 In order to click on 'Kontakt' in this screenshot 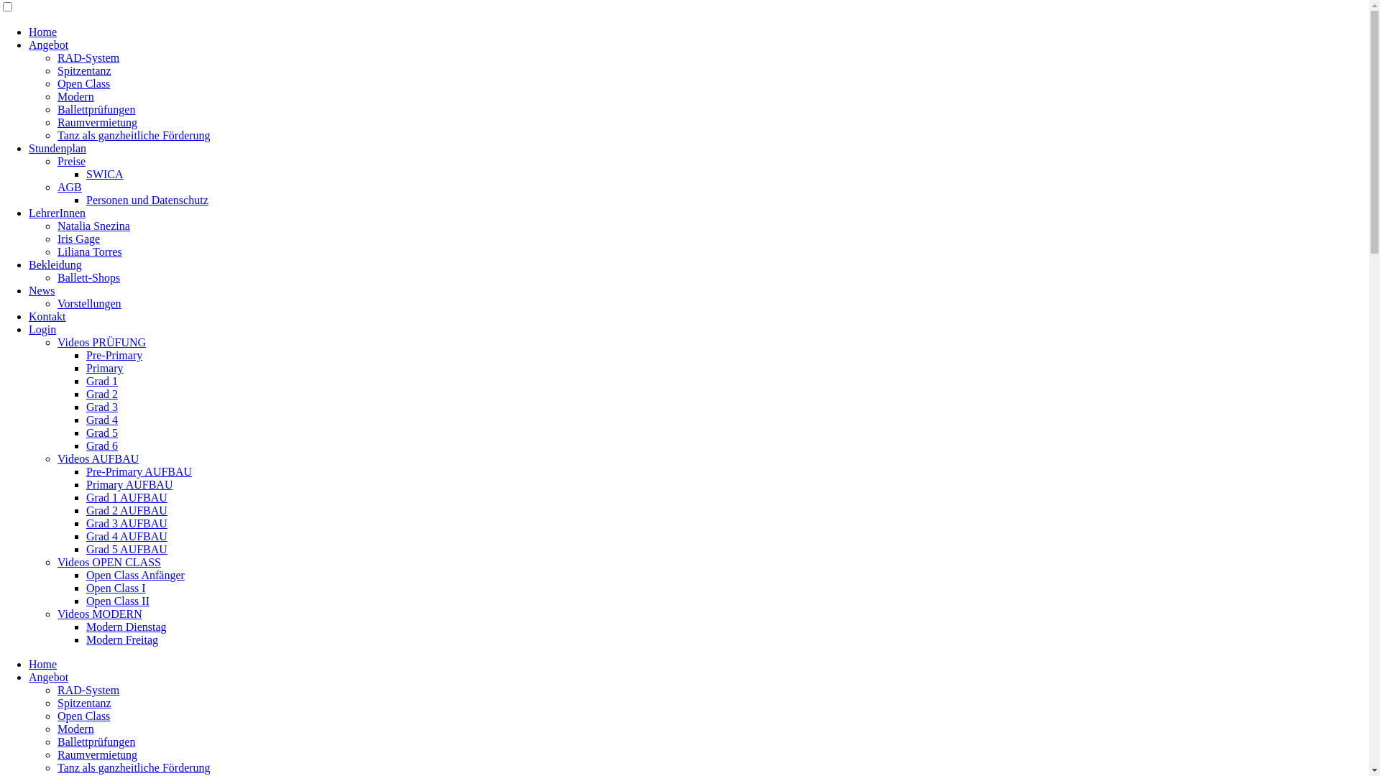, I will do `click(47, 315)`.